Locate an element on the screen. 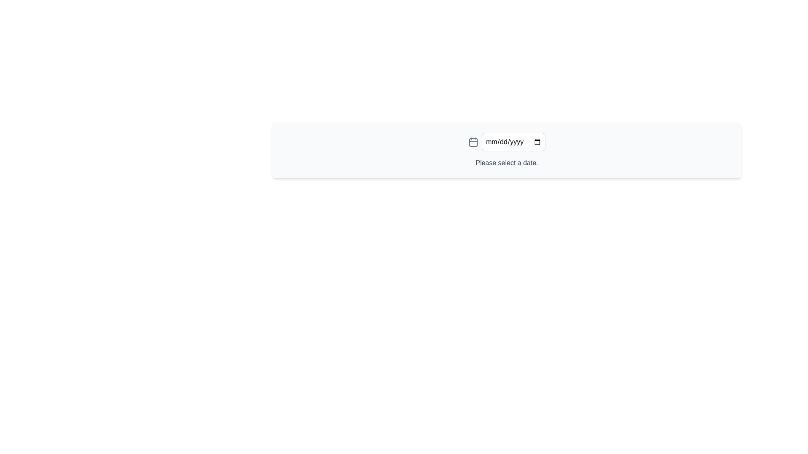 The width and height of the screenshot is (808, 454). the main body of the calendar icon, which is represented by an SVG rectangle and located towards the top-left area of the form section, next to a text input field is located at coordinates (473, 142).